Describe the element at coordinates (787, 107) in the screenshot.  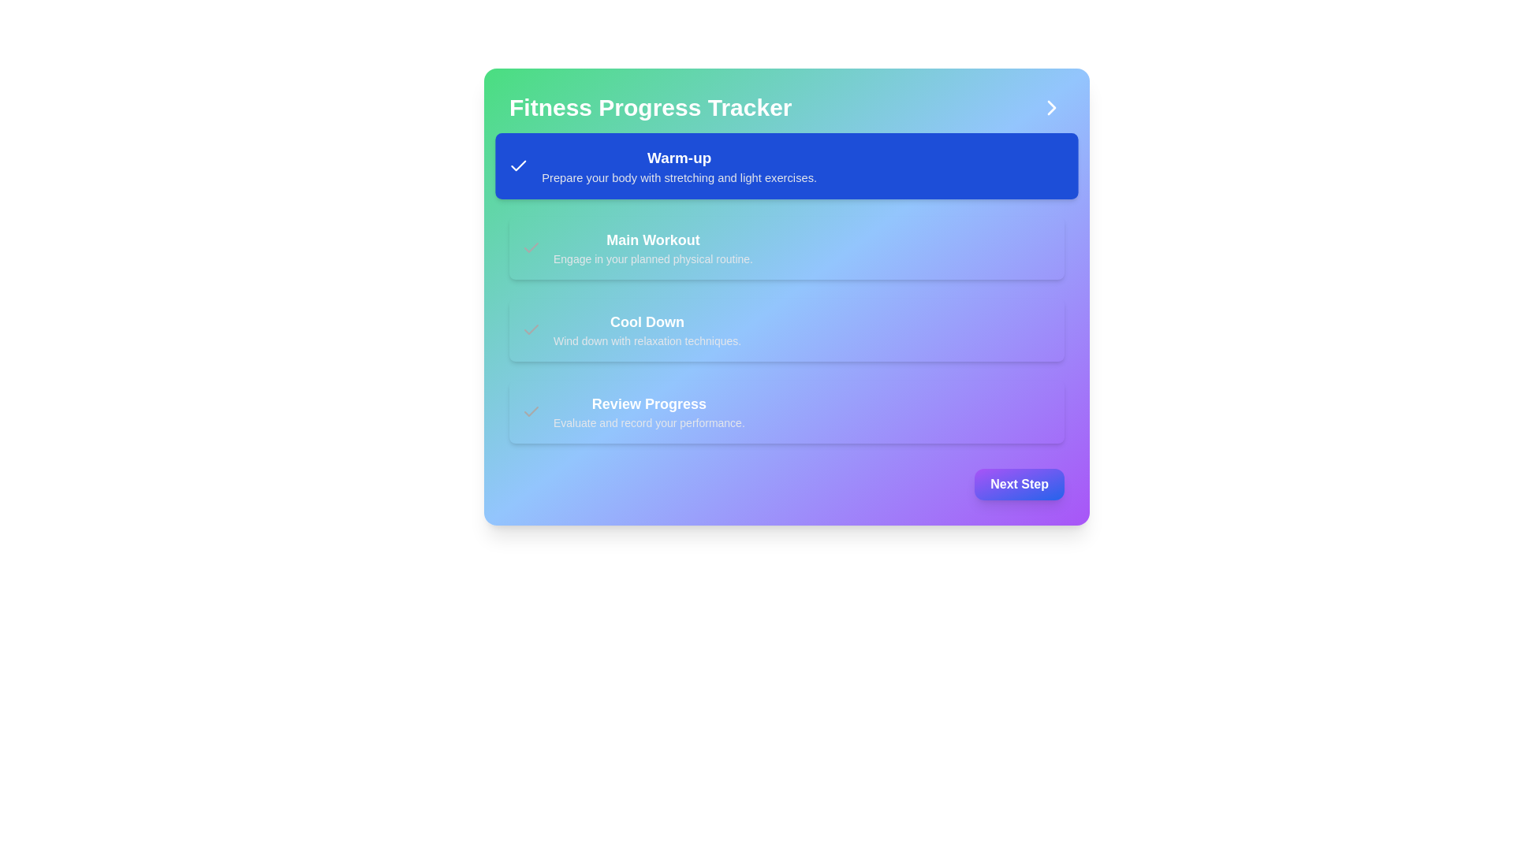
I see `the 'Fitness Progress Tracker' text in the header section of the card layout to read it` at that location.